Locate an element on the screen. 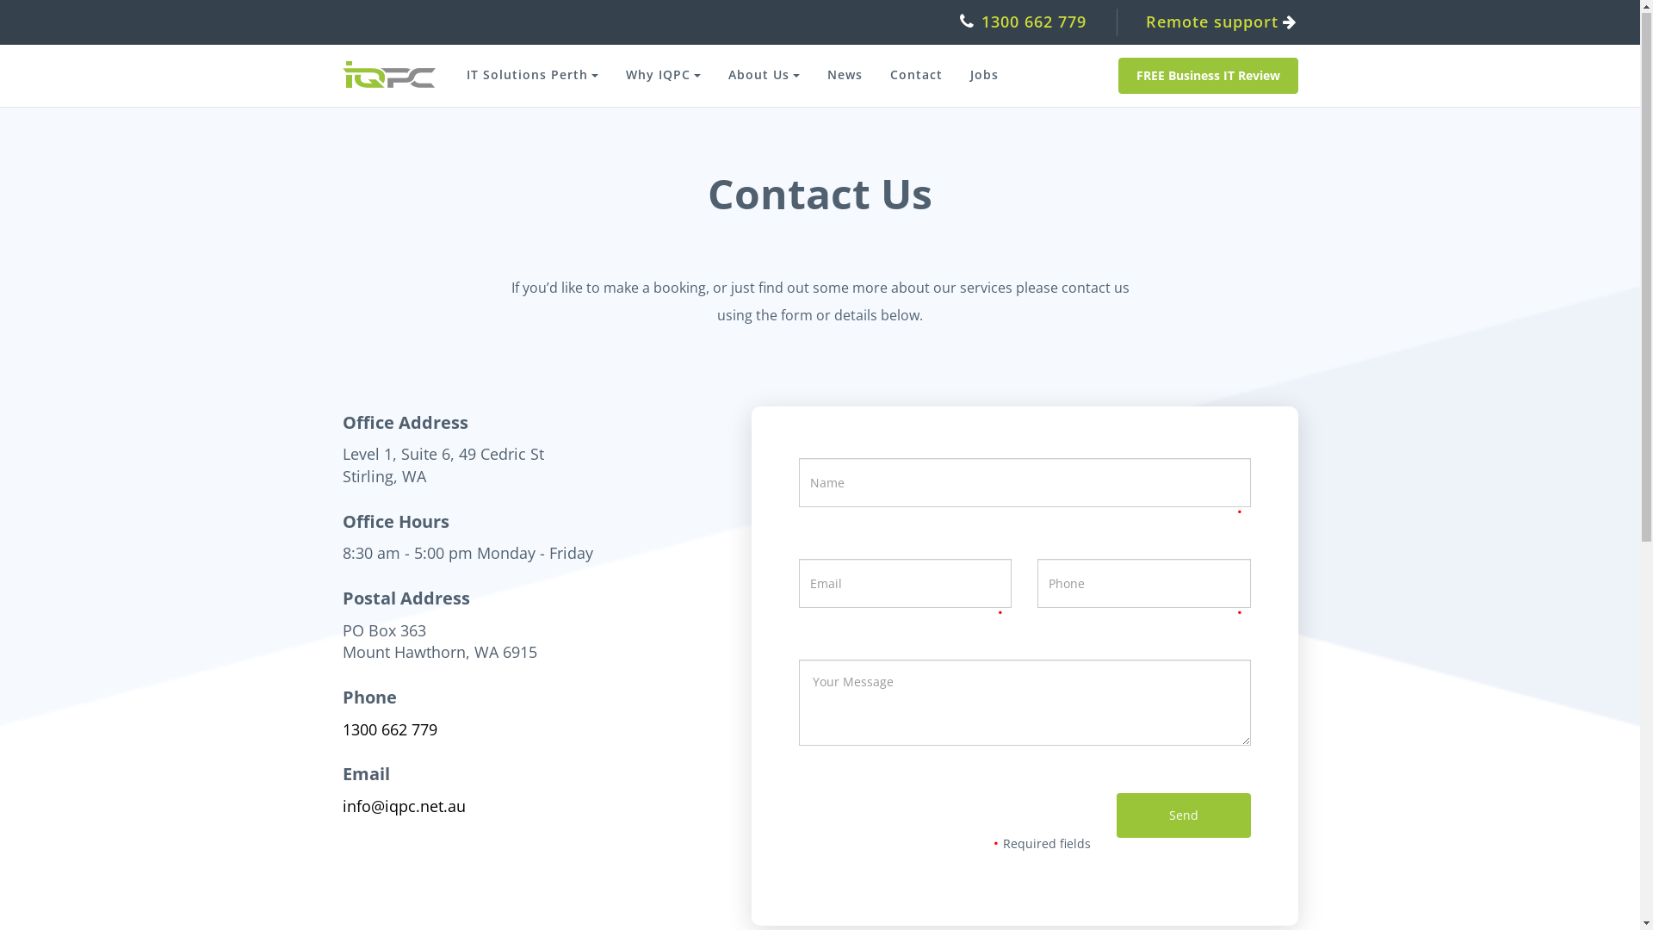  '1300 662 779' is located at coordinates (1025, 22).